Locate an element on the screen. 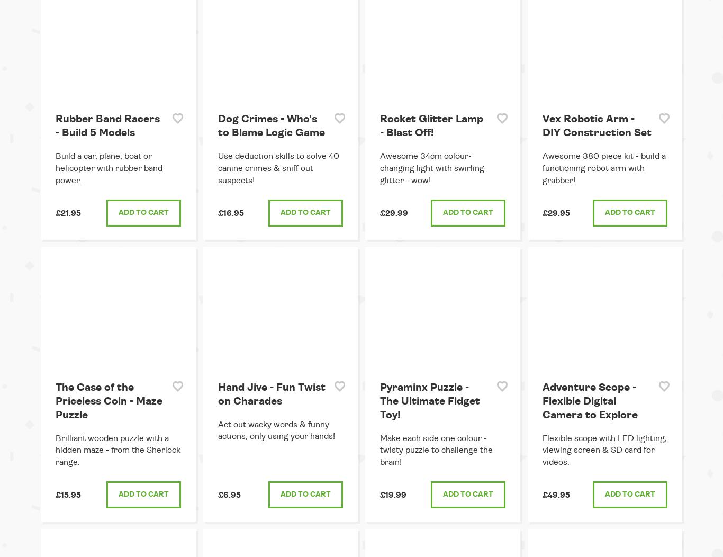  'Make each side one colour - twisty puzzle to challenge the brain!' is located at coordinates (436, 450).